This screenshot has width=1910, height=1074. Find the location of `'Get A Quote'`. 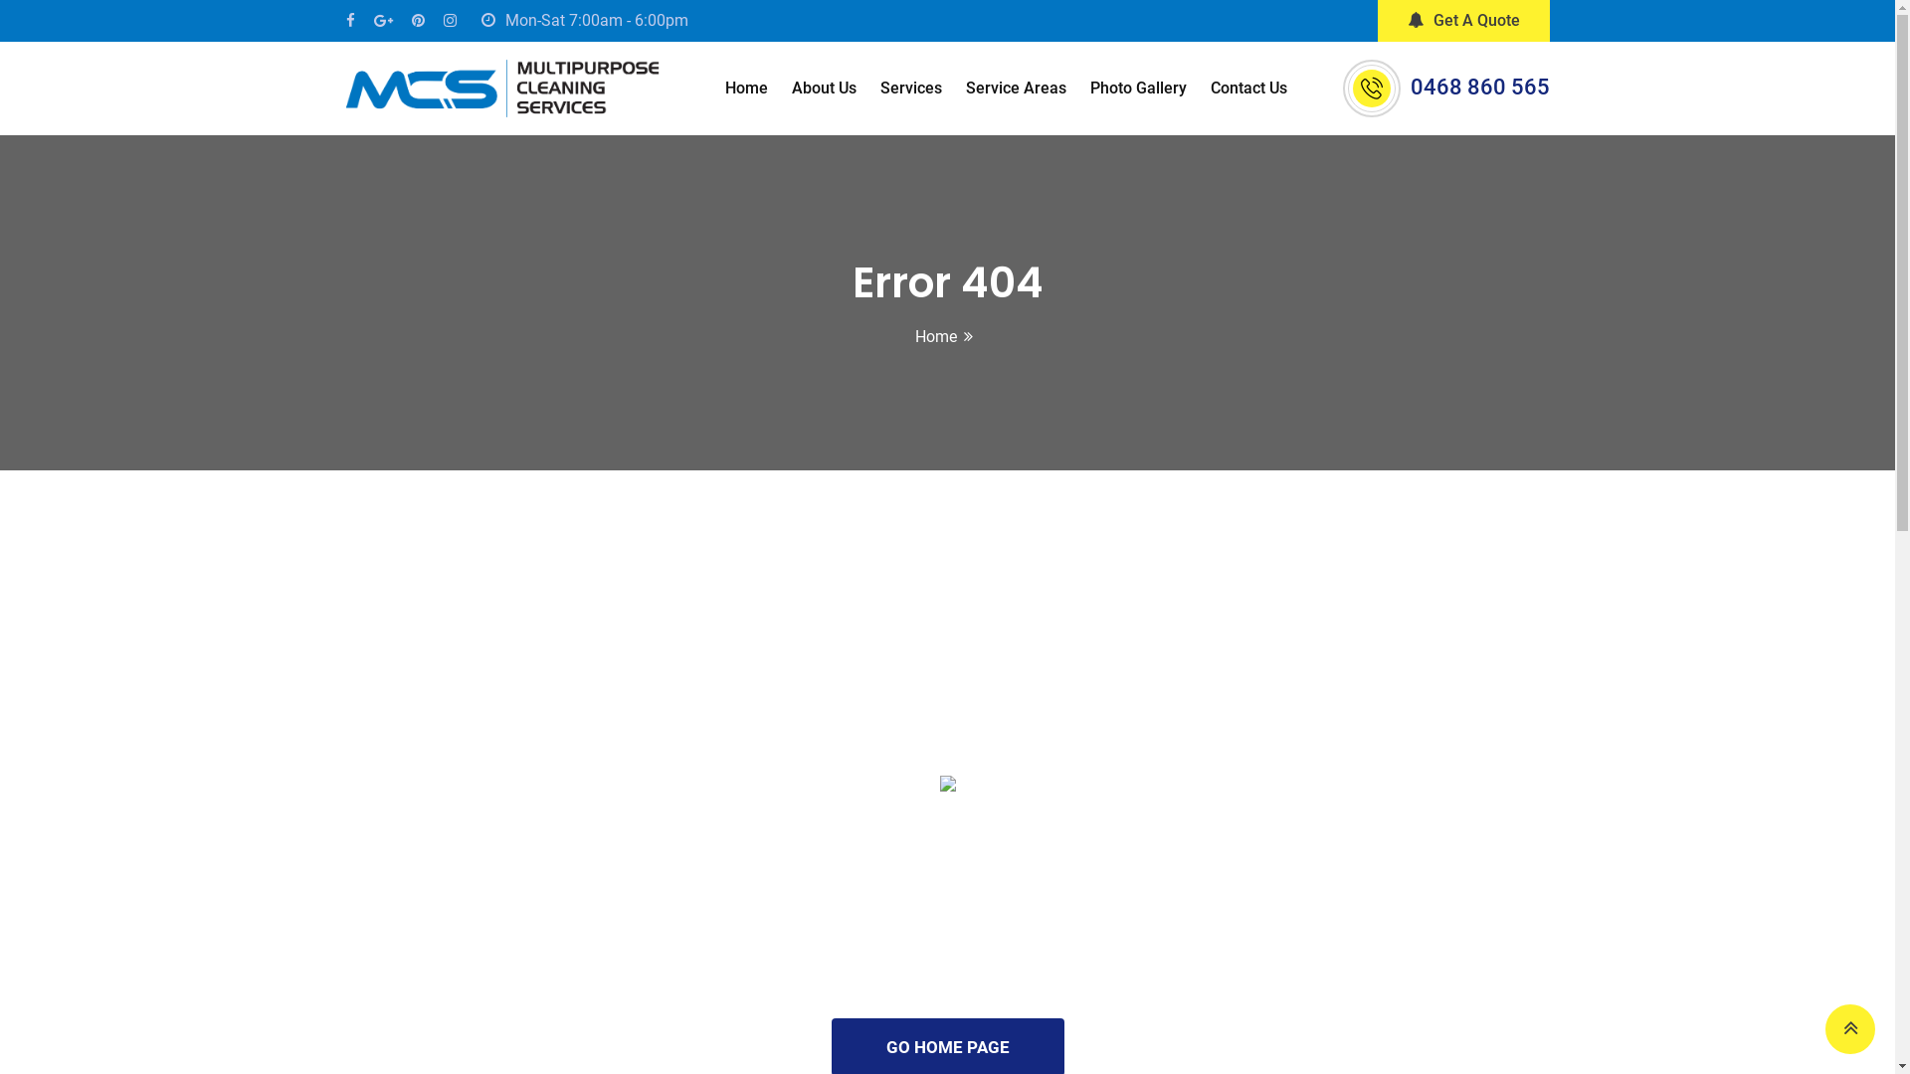

'Get A Quote' is located at coordinates (1462, 20).